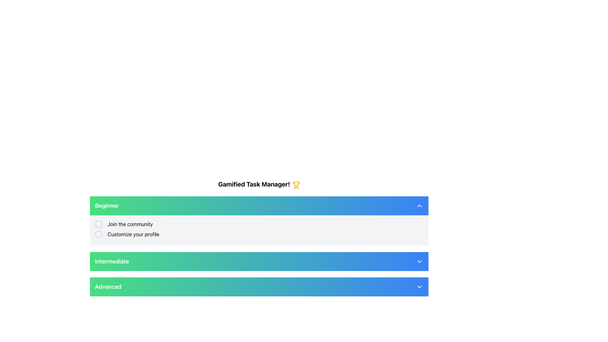 The image size is (608, 342). Describe the element at coordinates (108, 287) in the screenshot. I see `the 'Advanced' text label, which is styled with bold white text on a gradient background, located in the third section of a vertically stacked list` at that location.